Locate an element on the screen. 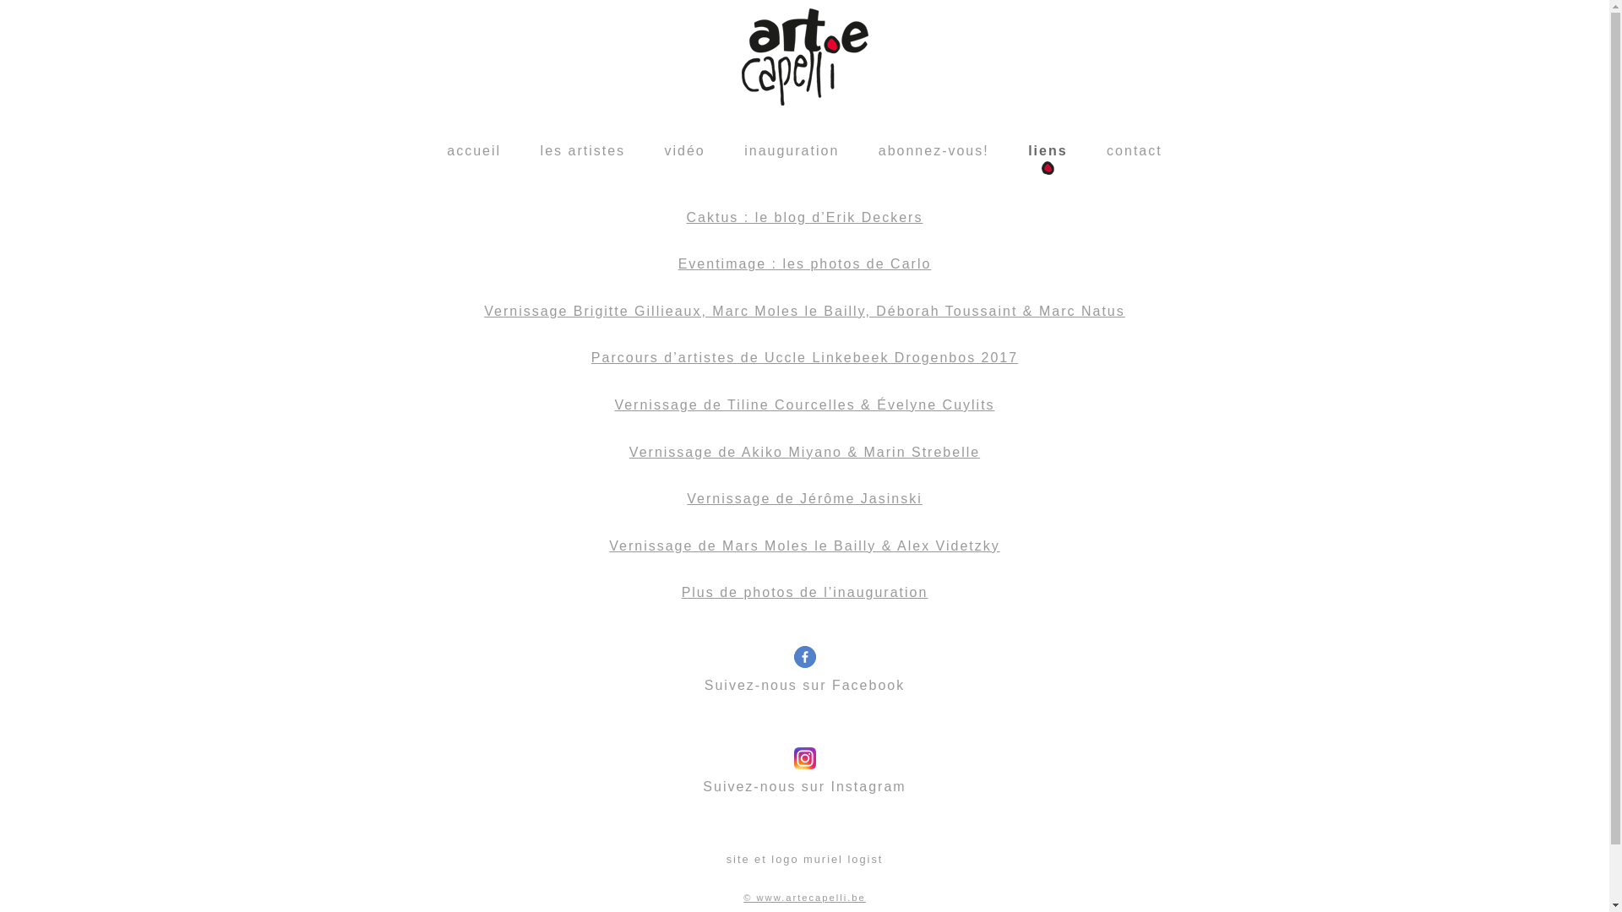 The height and width of the screenshot is (912, 1622). 'les artistes' is located at coordinates (539, 149).